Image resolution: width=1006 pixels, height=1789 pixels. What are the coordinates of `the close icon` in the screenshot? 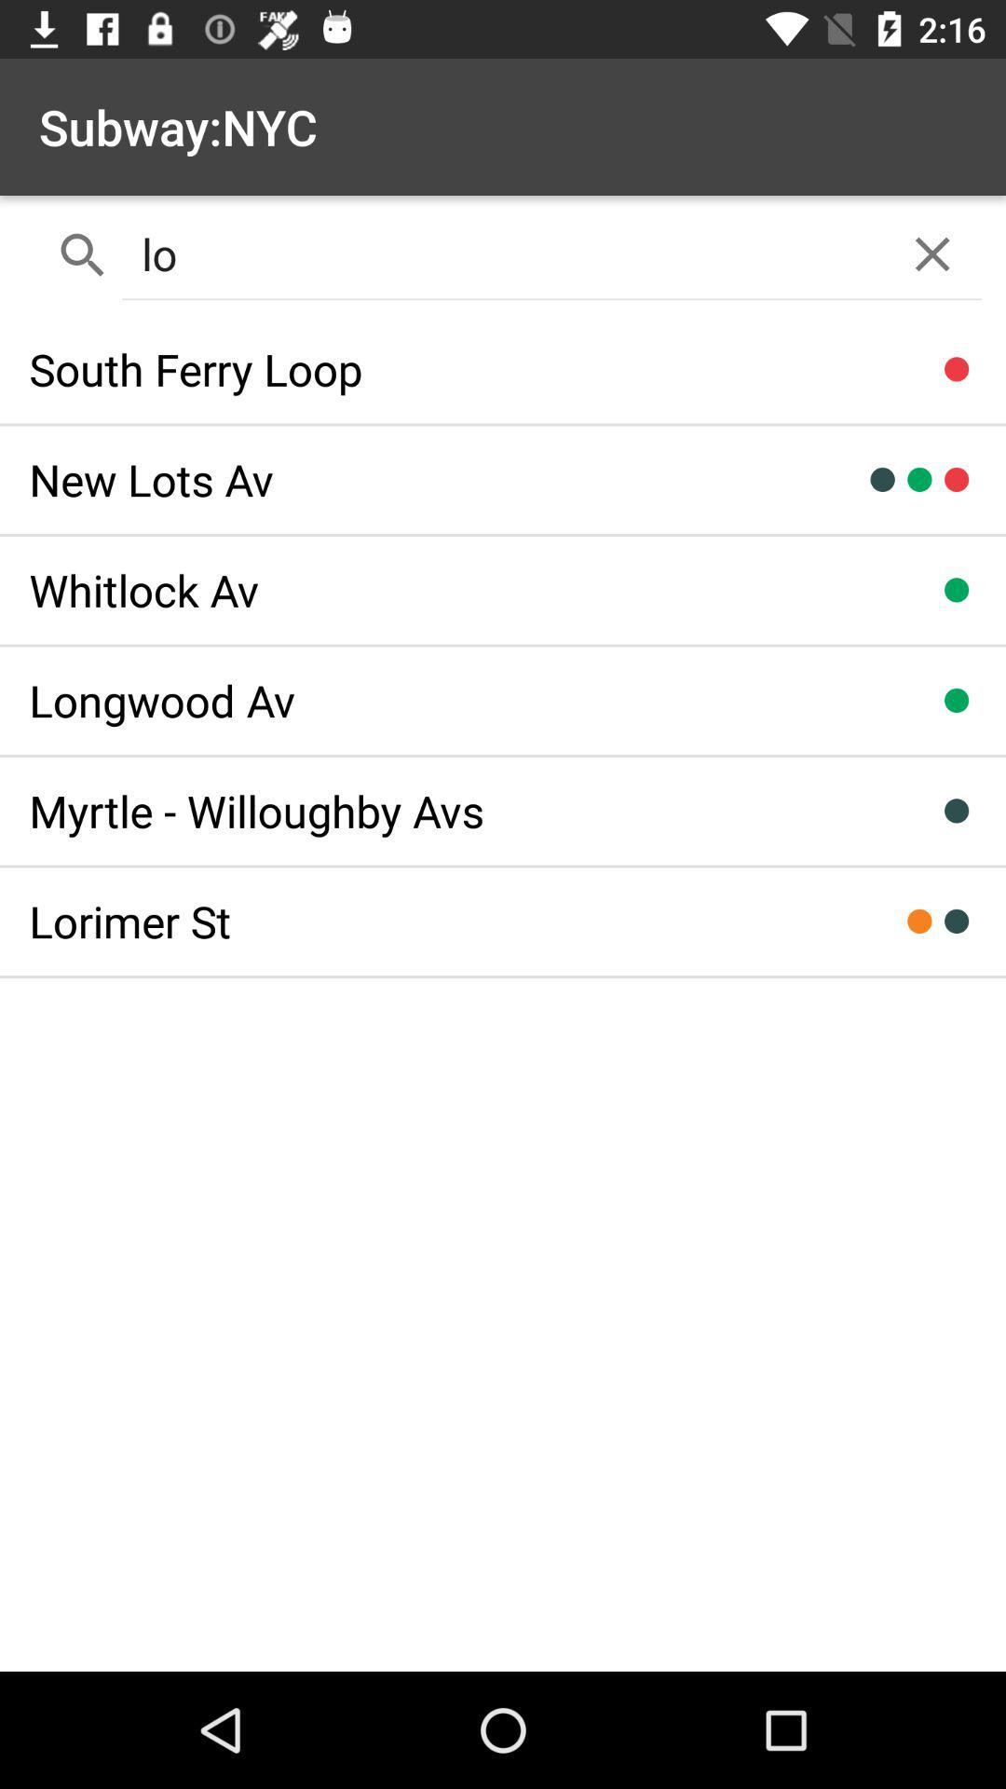 It's located at (932, 253).